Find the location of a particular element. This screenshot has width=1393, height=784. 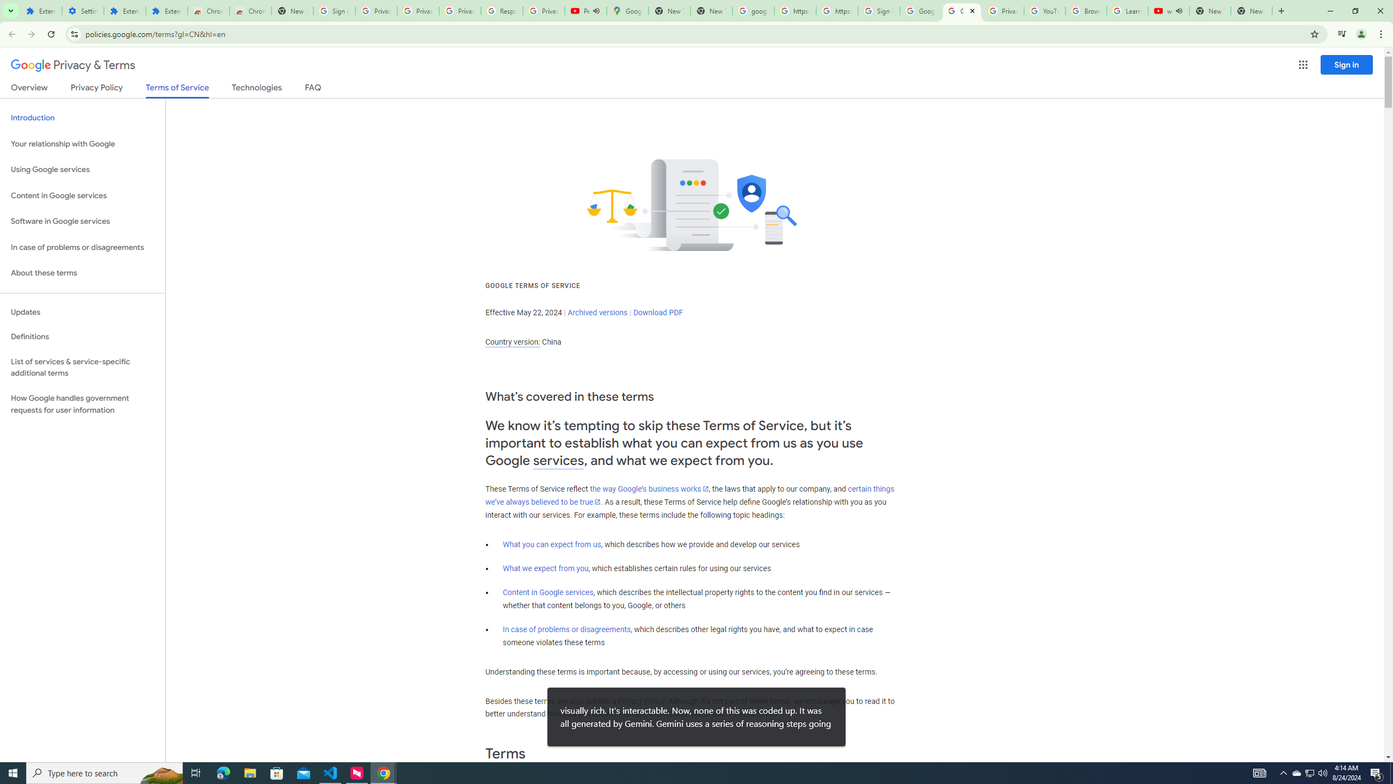

'YouTube' is located at coordinates (1045, 10).